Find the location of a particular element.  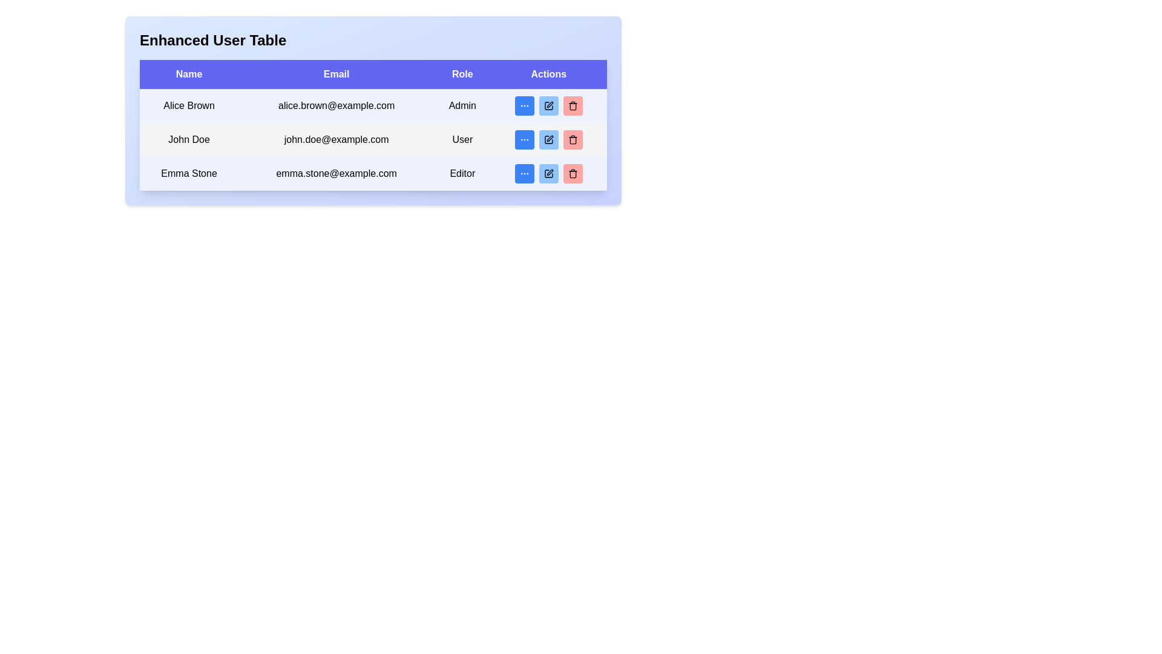

the second button in the 'Actions' column of the second row of the user table is located at coordinates (560, 139).